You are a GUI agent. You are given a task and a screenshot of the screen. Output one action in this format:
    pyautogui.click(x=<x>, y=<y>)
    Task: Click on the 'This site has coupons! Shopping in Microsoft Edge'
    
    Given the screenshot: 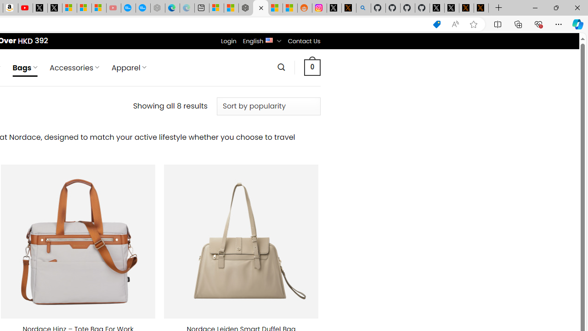 What is the action you would take?
    pyautogui.click(x=436, y=24)
    